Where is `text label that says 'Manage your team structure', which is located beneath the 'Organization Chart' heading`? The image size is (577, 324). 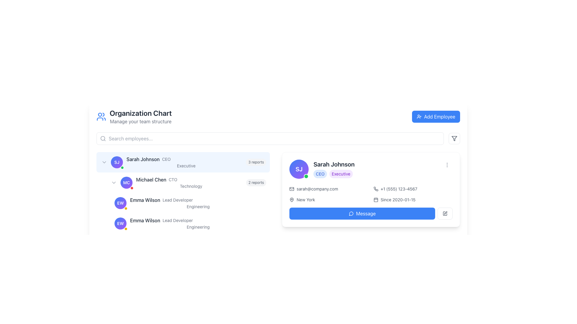
text label that says 'Manage your team structure', which is located beneath the 'Organization Chart' heading is located at coordinates (140, 121).